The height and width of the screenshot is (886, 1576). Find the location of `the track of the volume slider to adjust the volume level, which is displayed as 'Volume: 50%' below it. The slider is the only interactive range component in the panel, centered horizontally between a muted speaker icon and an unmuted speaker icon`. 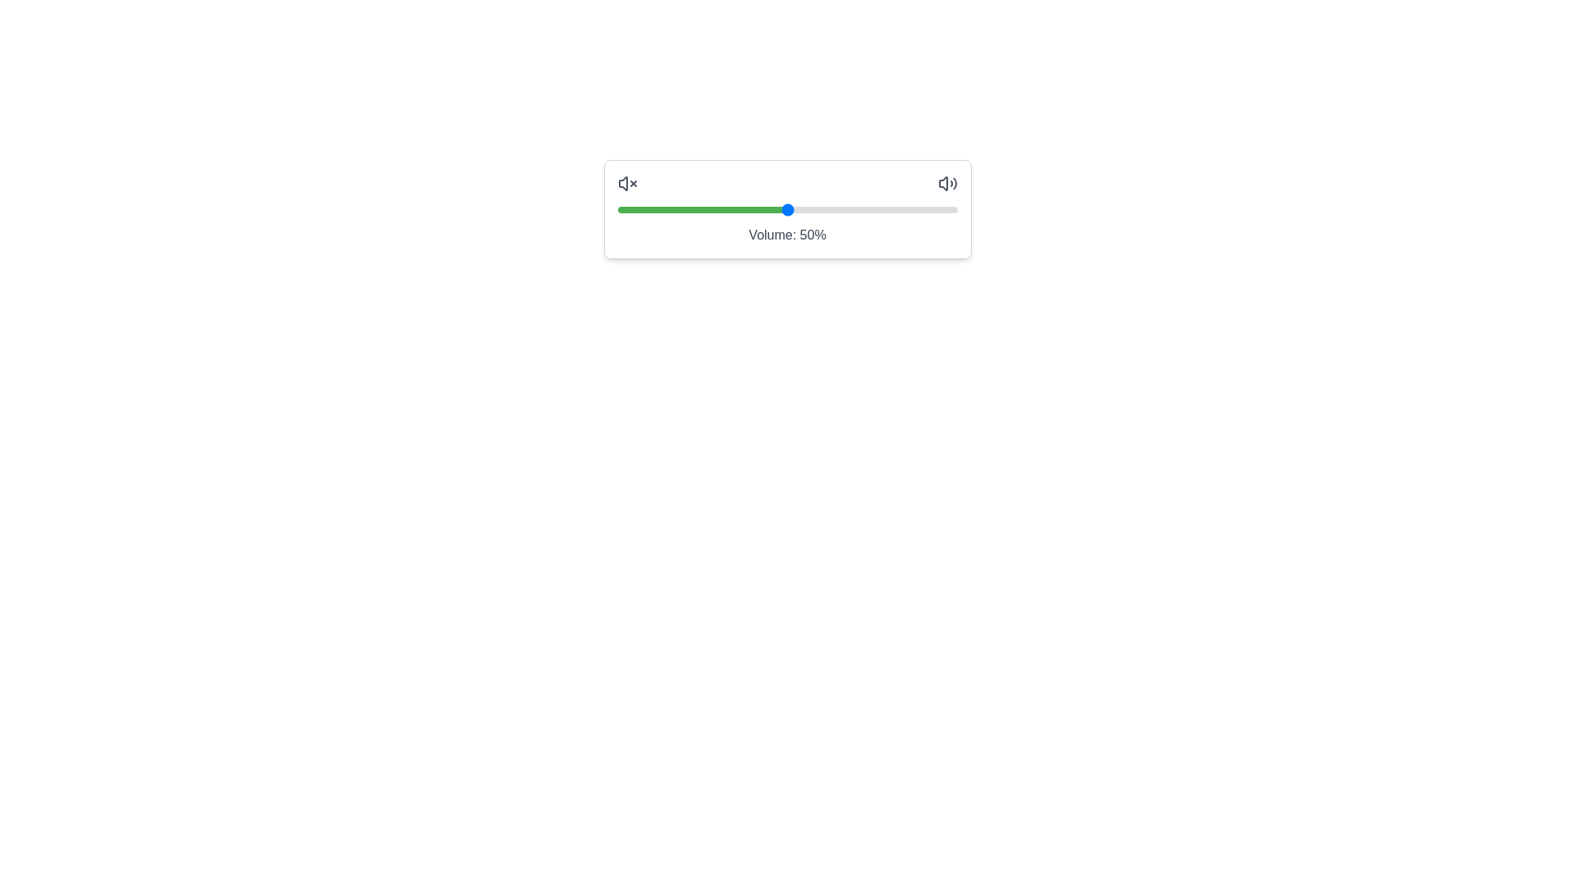

the track of the volume slider to adjust the volume level, which is displayed as 'Volume: 50%' below it. The slider is the only interactive range component in the panel, centered horizontally between a muted speaker icon and an unmuted speaker icon is located at coordinates (786, 208).